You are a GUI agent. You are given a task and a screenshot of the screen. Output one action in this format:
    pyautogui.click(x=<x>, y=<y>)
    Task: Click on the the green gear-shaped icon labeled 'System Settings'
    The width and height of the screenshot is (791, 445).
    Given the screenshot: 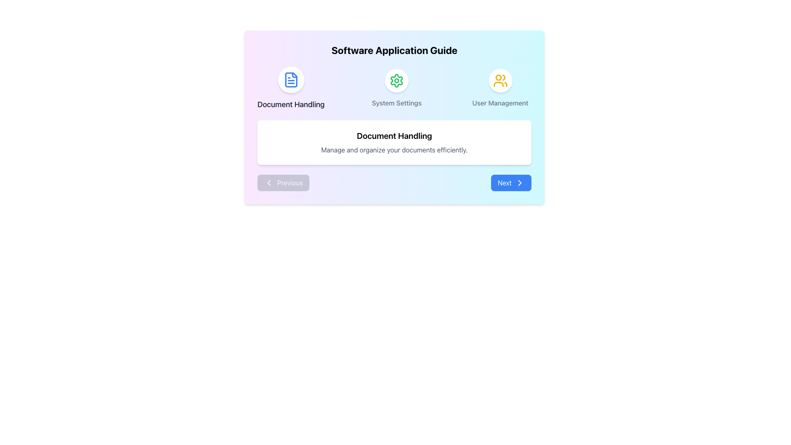 What is the action you would take?
    pyautogui.click(x=397, y=81)
    